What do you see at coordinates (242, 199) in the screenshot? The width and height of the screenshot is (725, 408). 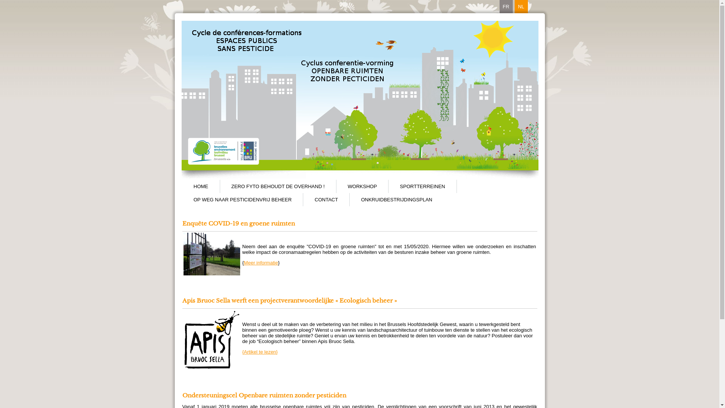 I see `'OP WEG NAAR PESTICIDENVRIJ BEHEER'` at bounding box center [242, 199].